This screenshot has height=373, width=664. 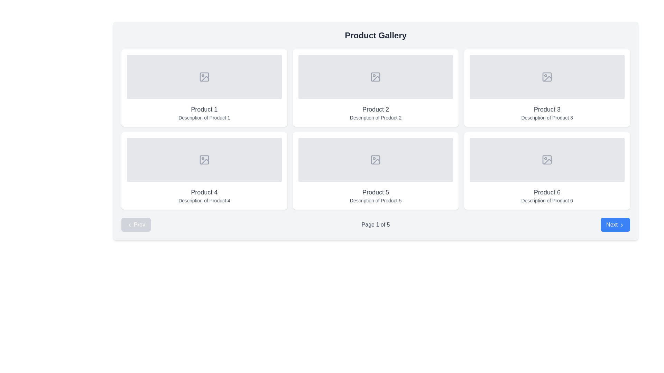 I want to click on the 'Next' button located at the bottom-right of the interface, so click(x=615, y=225).